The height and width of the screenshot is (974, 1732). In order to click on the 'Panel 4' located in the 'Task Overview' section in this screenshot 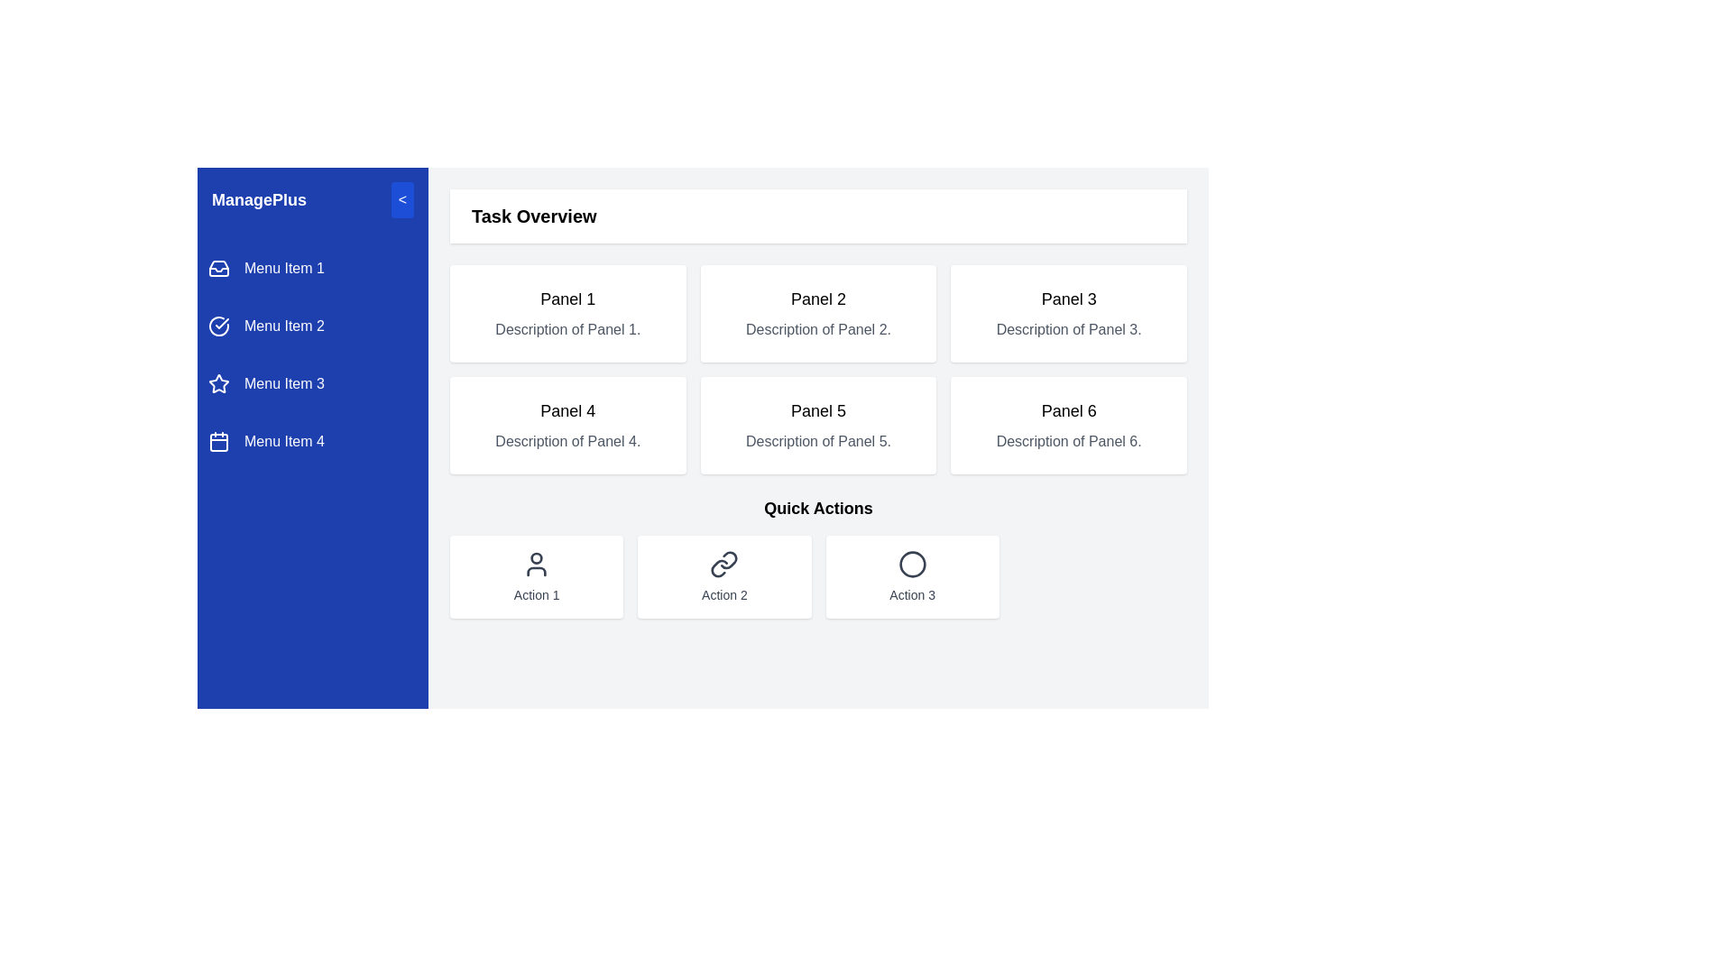, I will do `click(567, 425)`.